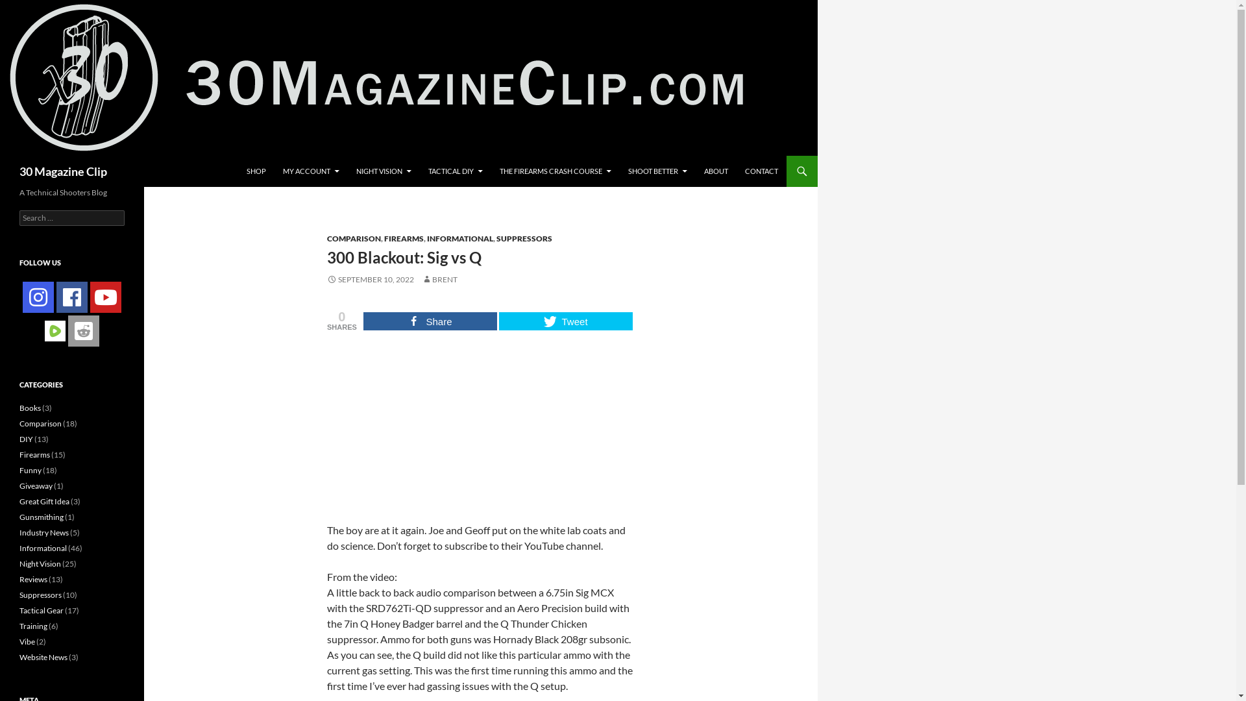 The height and width of the screenshot is (701, 1246). What do you see at coordinates (491, 170) in the screenshot?
I see `'THE FIREARMS CRASH COURSE'` at bounding box center [491, 170].